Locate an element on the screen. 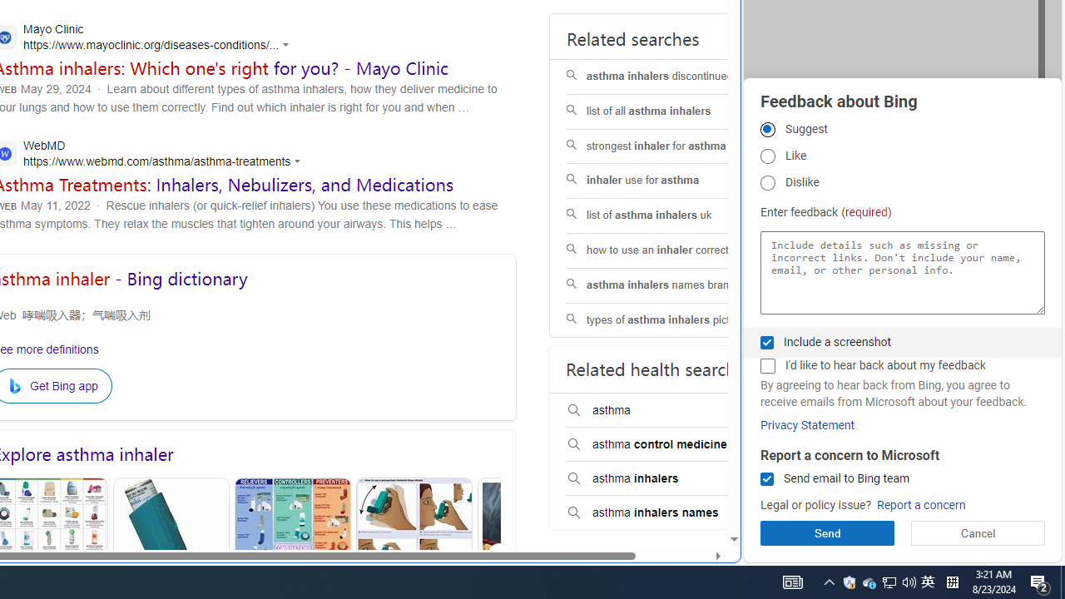 The height and width of the screenshot is (599, 1065). 'types of asthma inhalers pictures' is located at coordinates (671, 320).